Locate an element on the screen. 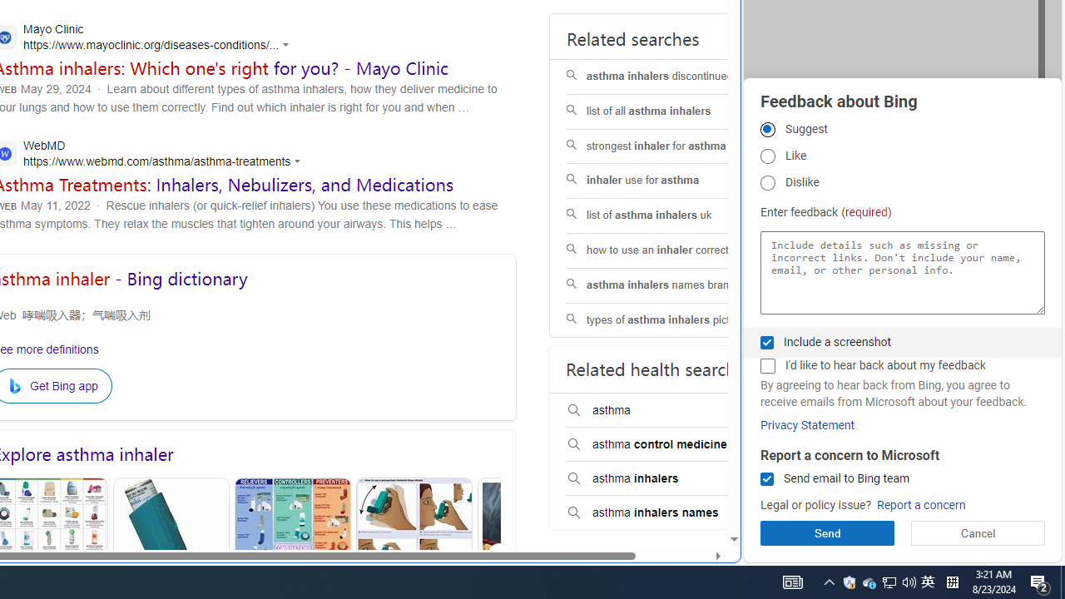 The height and width of the screenshot is (599, 1065). 'types of asthma inhalers pictures' is located at coordinates (671, 320).